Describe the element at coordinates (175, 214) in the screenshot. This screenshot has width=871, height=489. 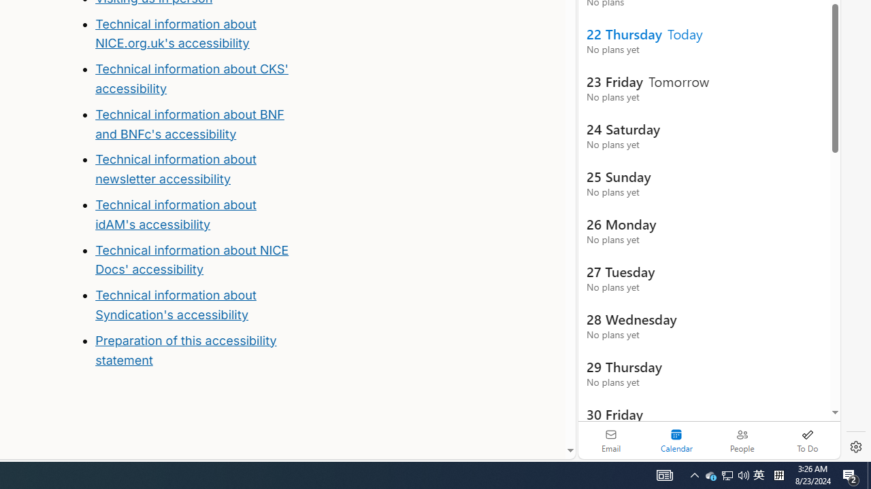
I see `'Technical information about idAM'` at that location.